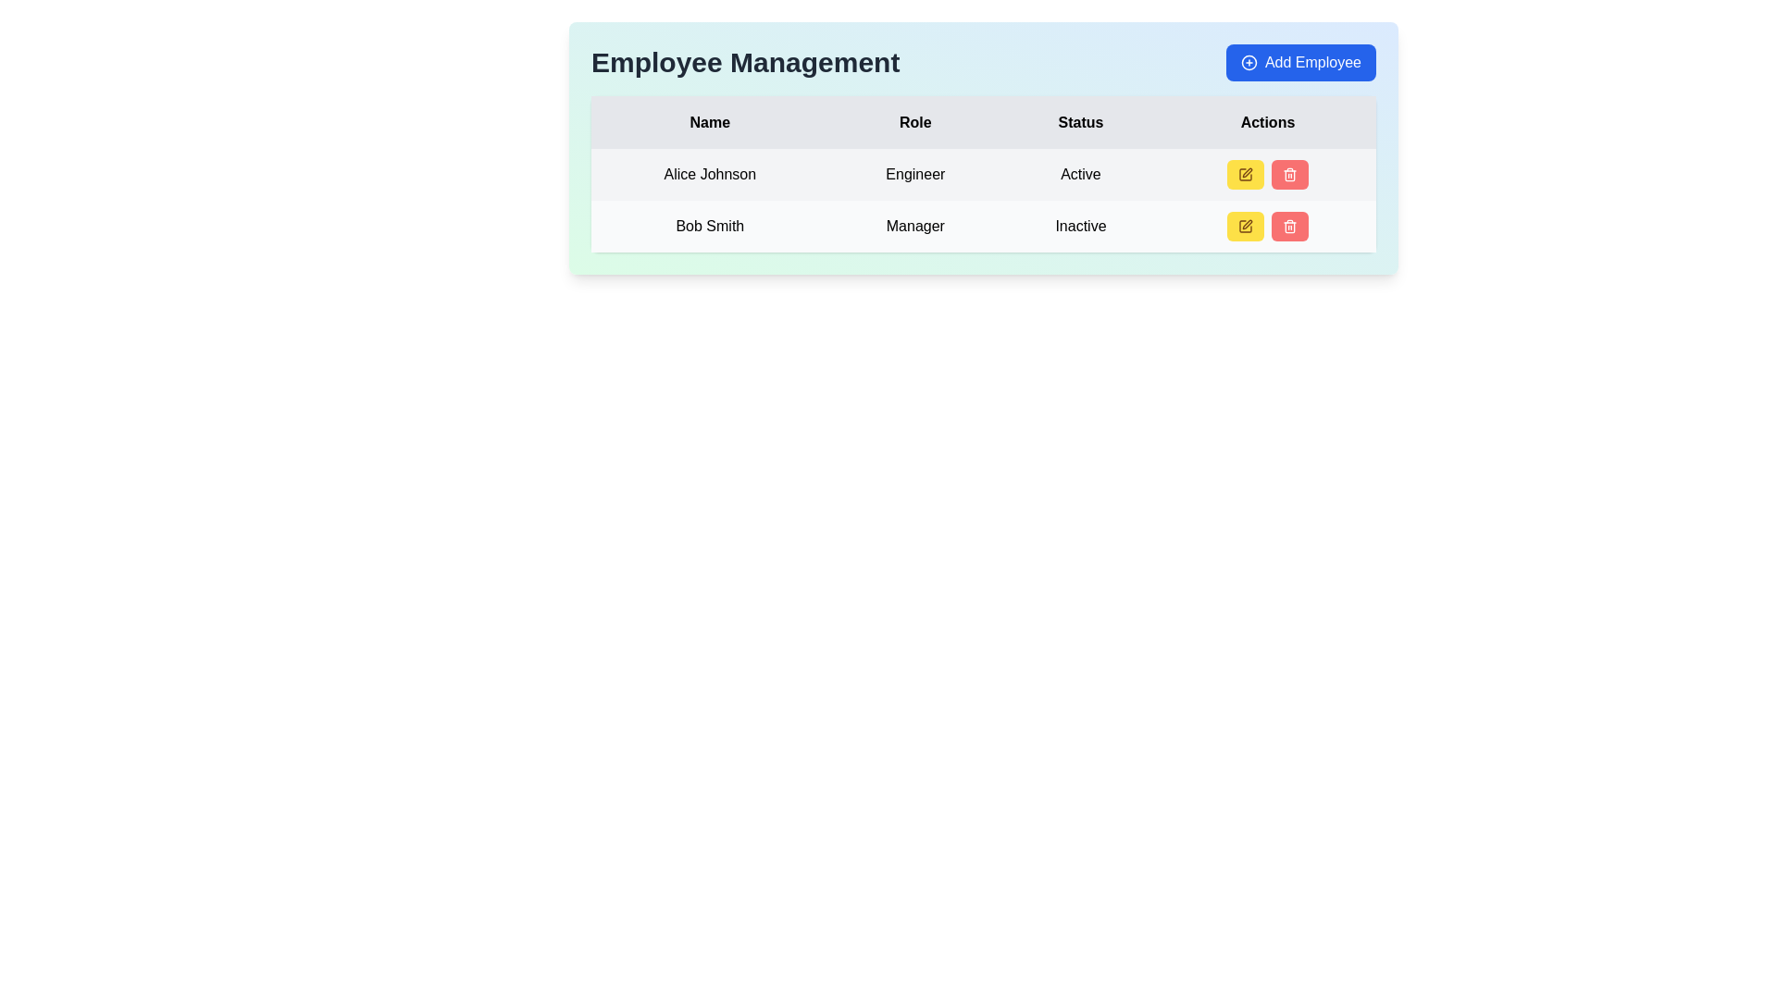 The image size is (1777, 999). Describe the element at coordinates (1080, 175) in the screenshot. I see `the static text label indicating the employment status of 'Alice Johnson' in the 'Employee Management' table, located in the 'Status' column` at that location.